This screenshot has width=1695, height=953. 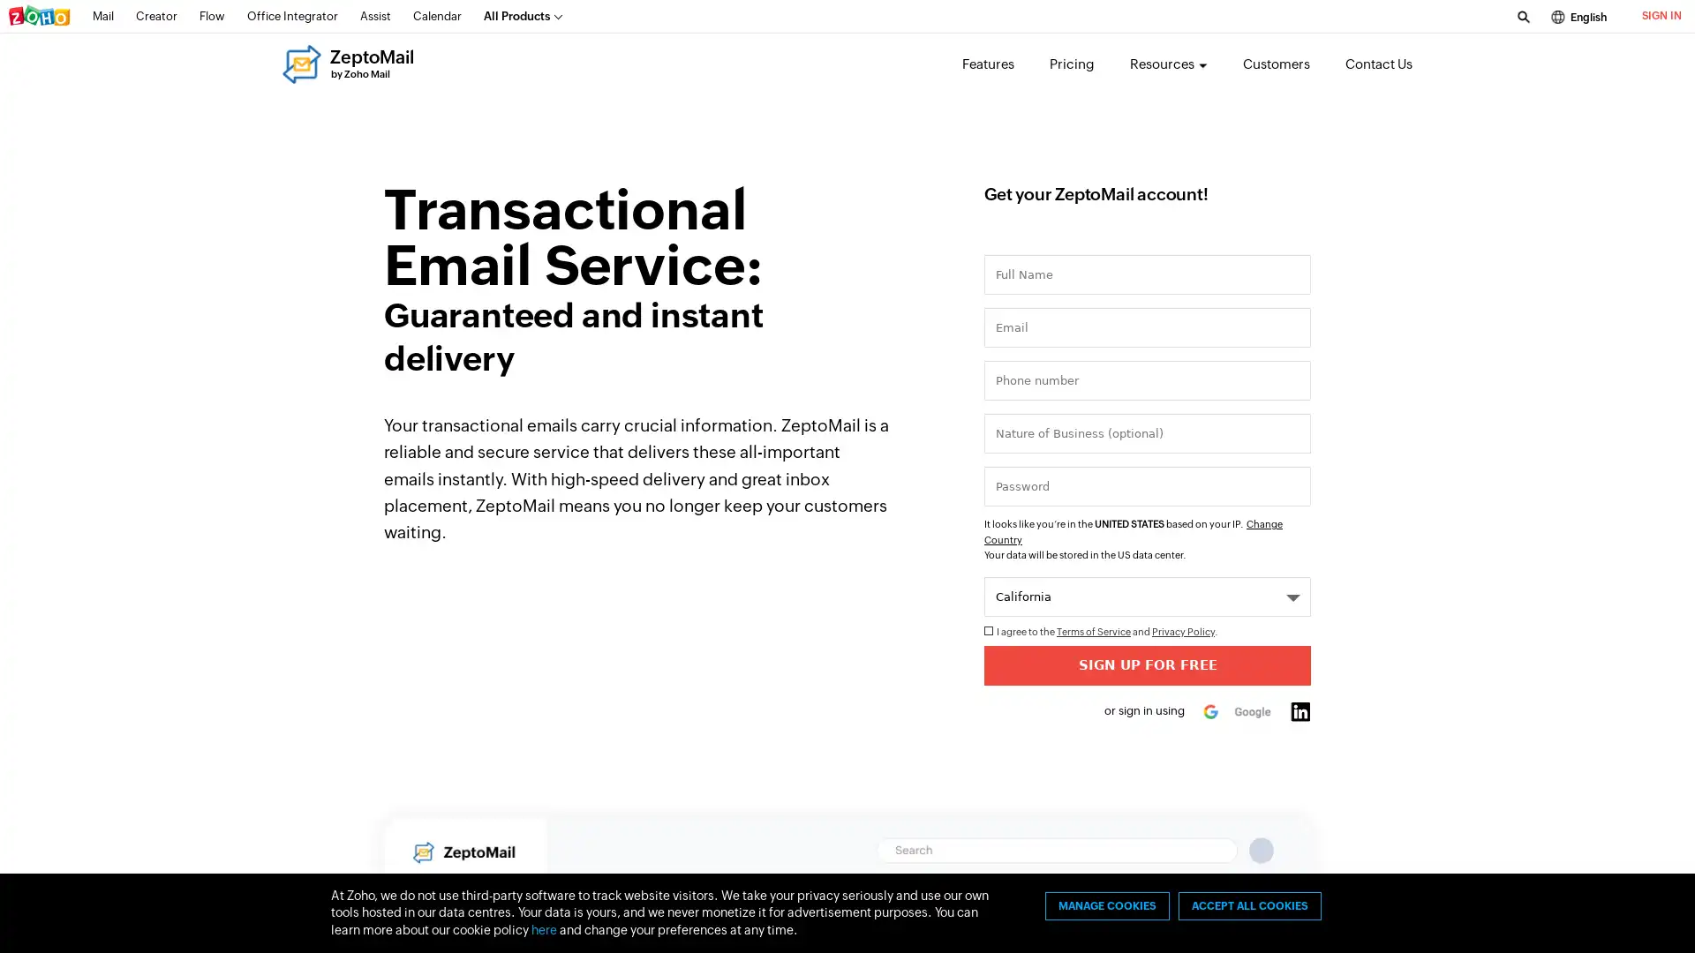 What do you see at coordinates (1148, 665) in the screenshot?
I see `Sign Up for Free` at bounding box center [1148, 665].